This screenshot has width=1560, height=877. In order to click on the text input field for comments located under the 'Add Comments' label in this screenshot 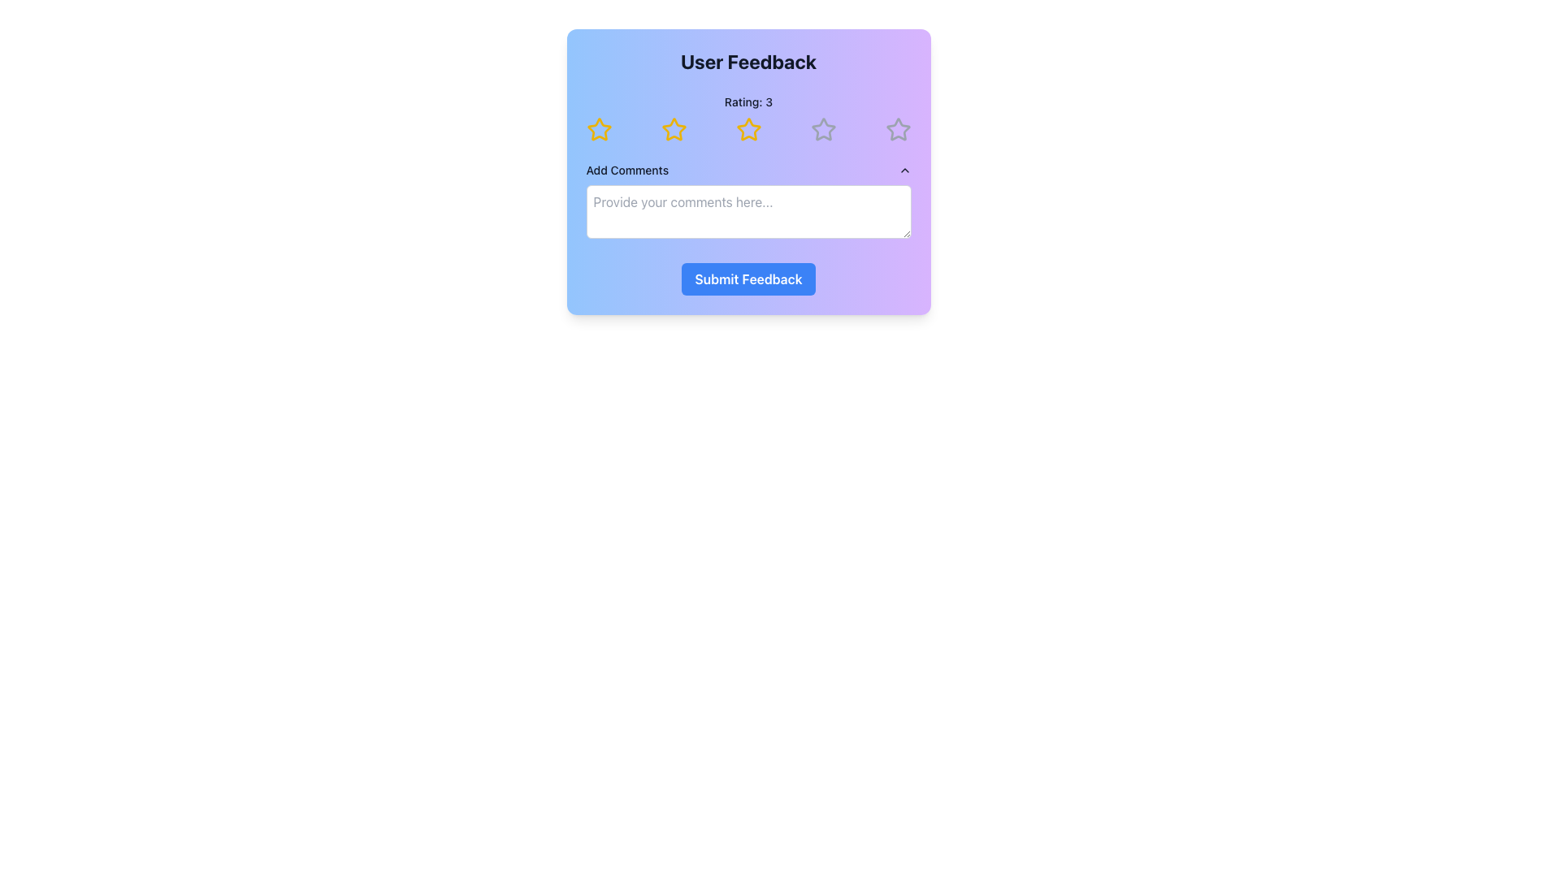, I will do `click(747, 211)`.